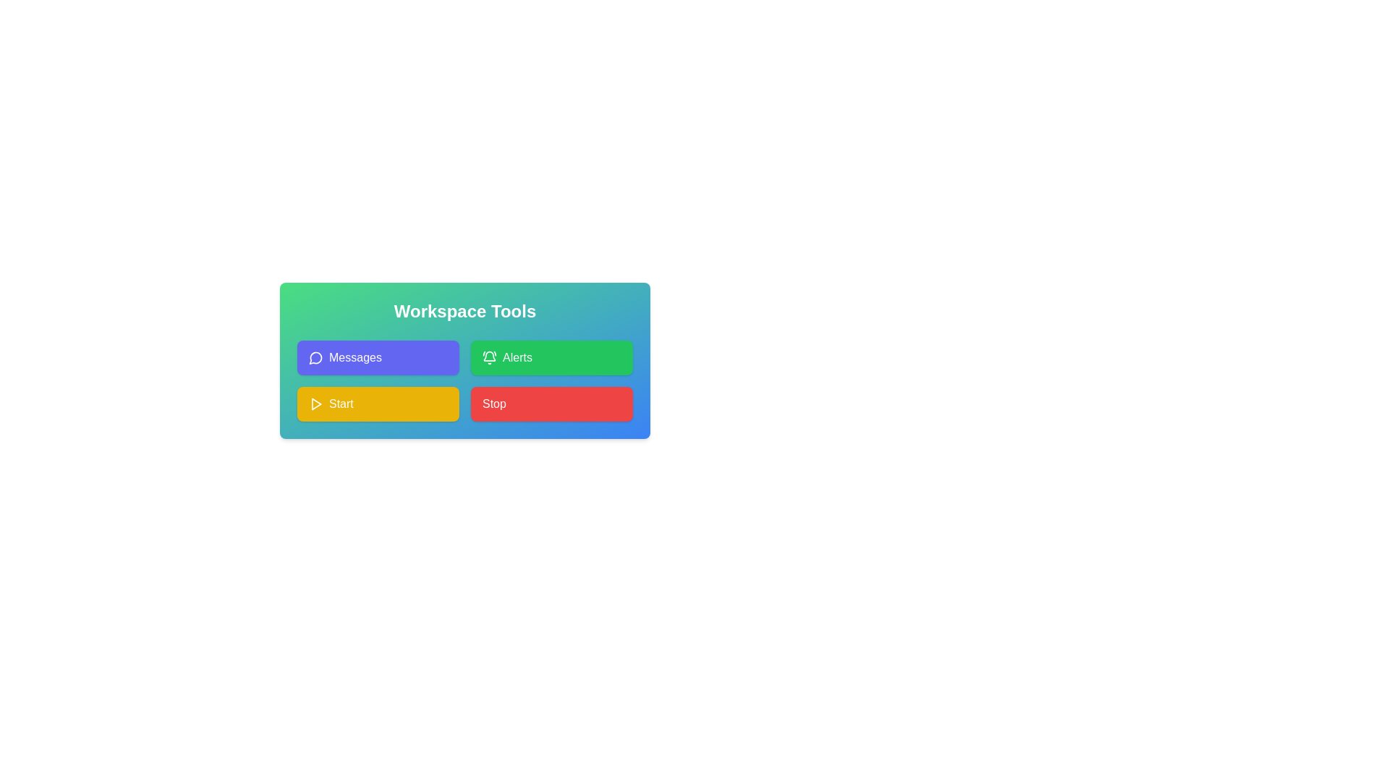 This screenshot has width=1389, height=781. I want to click on the triangular play icon within the 'Start' button in the bottom left corner of the workspace tools interface for additional information, so click(315, 404).